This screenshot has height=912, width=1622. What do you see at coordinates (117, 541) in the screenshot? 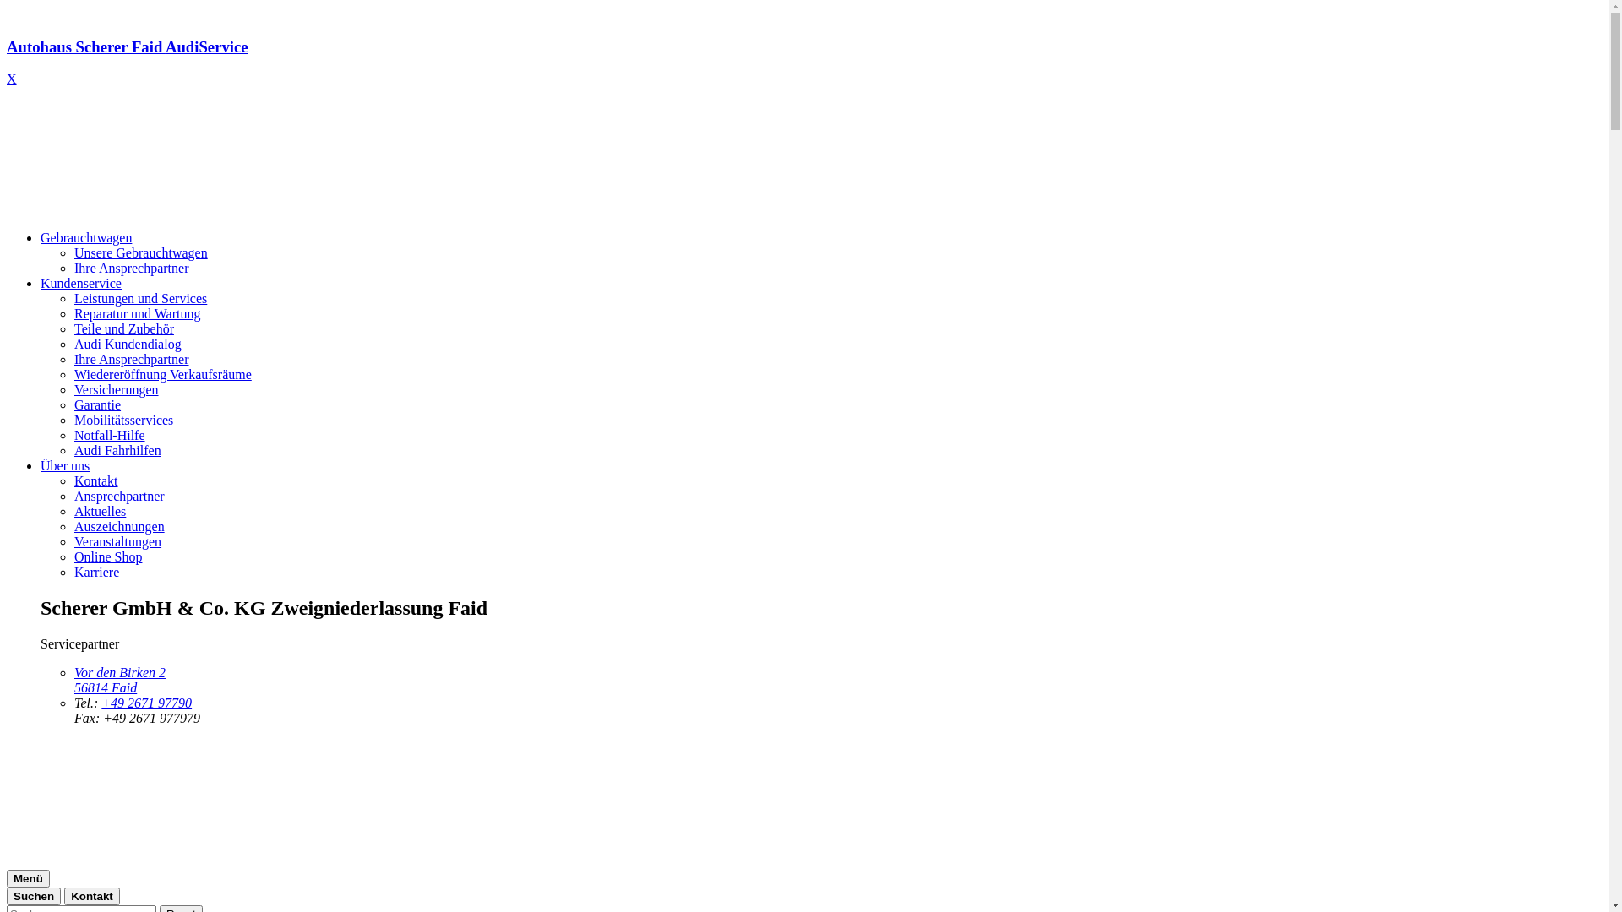
I see `'Veranstaltungen'` at bounding box center [117, 541].